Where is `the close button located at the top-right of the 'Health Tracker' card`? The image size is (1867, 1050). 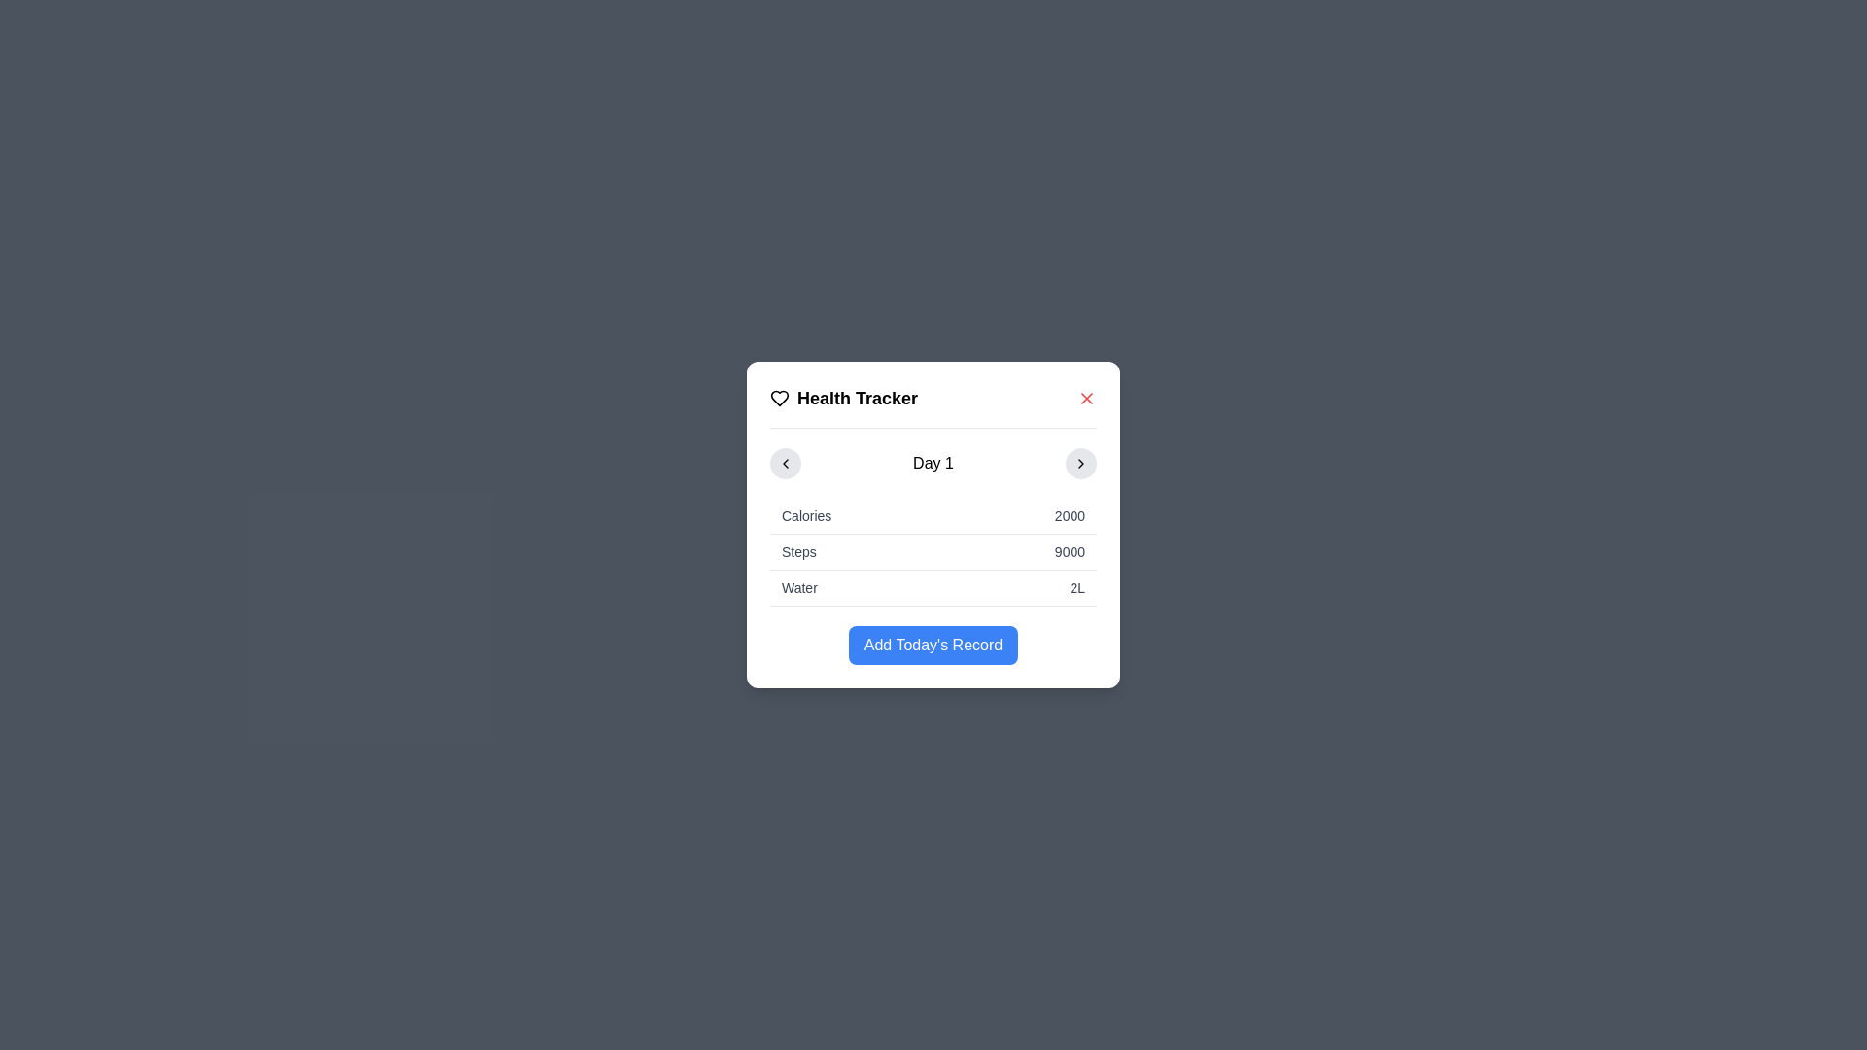
the close button located at the top-right of the 'Health Tracker' card is located at coordinates (1086, 397).